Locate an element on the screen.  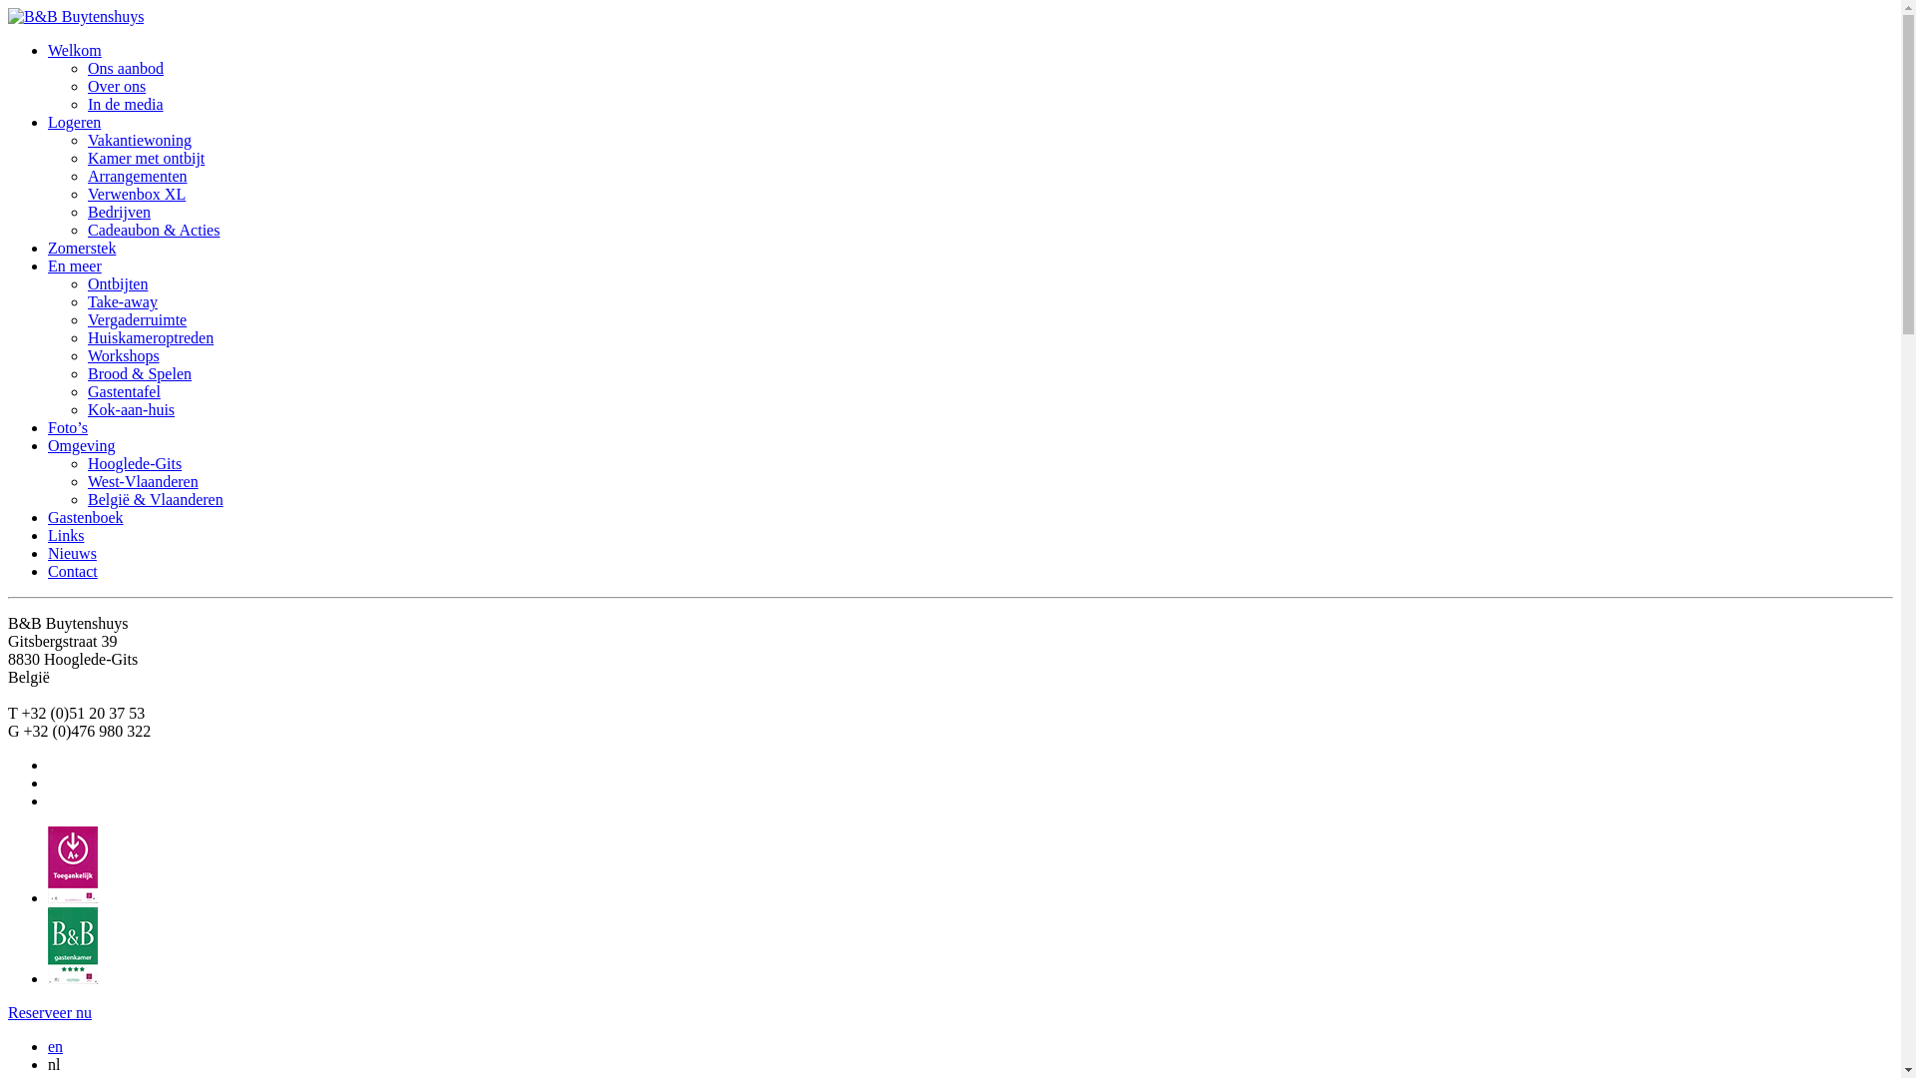
'Brood & Spelen' is located at coordinates (138, 373).